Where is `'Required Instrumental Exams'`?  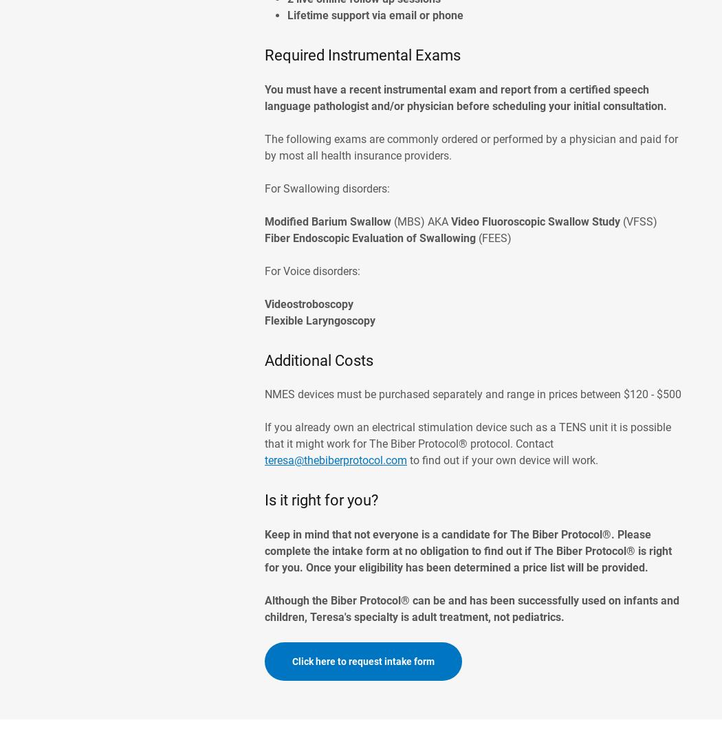 'Required Instrumental Exams' is located at coordinates (362, 55).